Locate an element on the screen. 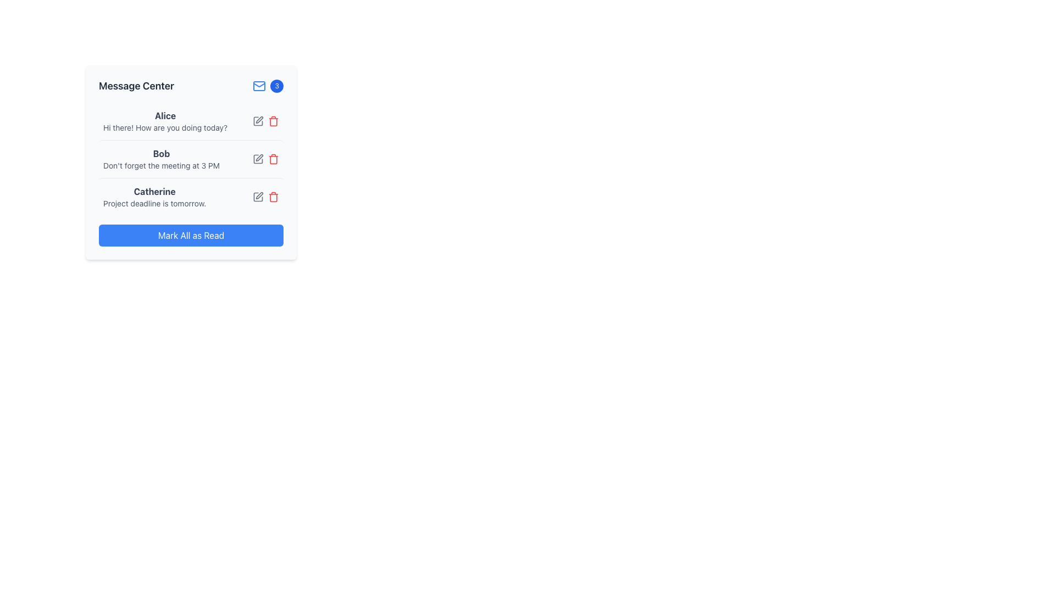 This screenshot has width=1055, height=593. the informative text label associated with 'Catherine', which is located below the name 'Catherine' and adjacent to action icons is located at coordinates (154, 203).